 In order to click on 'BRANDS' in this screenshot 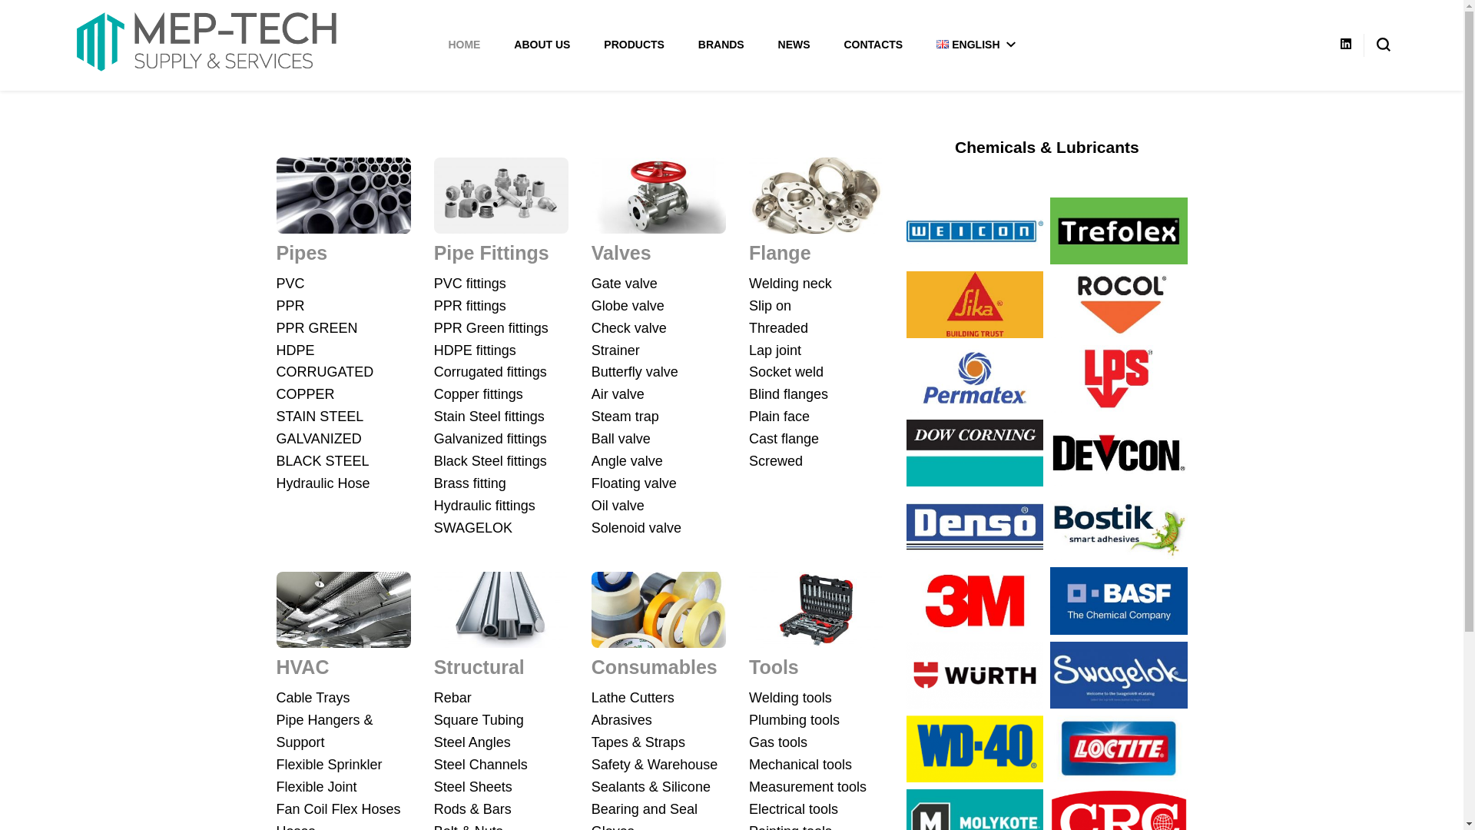, I will do `click(721, 43)`.